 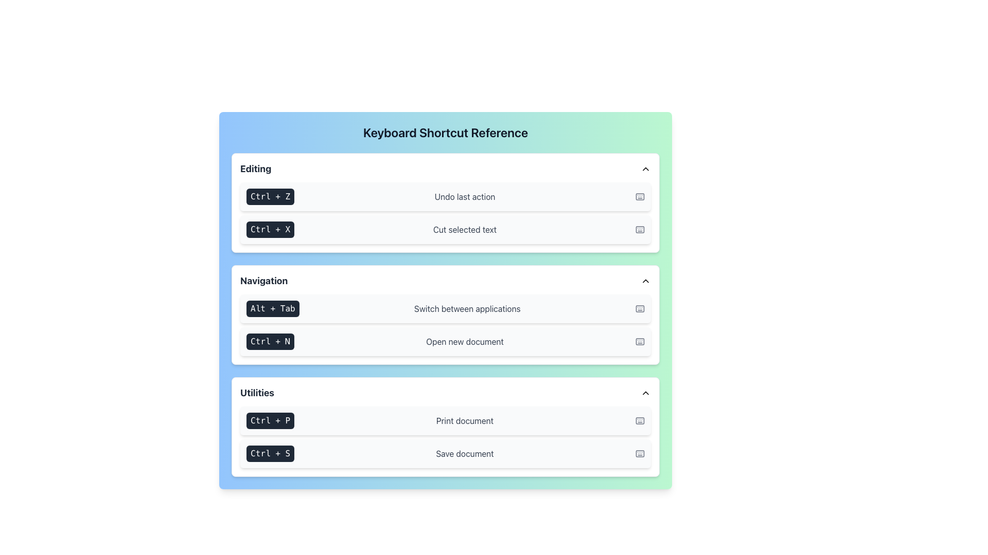 I want to click on the gray keyboard icon, which is the rightmost element in the horizontal row next to the text 'Switch between applications' in the Navigation section, so click(x=639, y=308).